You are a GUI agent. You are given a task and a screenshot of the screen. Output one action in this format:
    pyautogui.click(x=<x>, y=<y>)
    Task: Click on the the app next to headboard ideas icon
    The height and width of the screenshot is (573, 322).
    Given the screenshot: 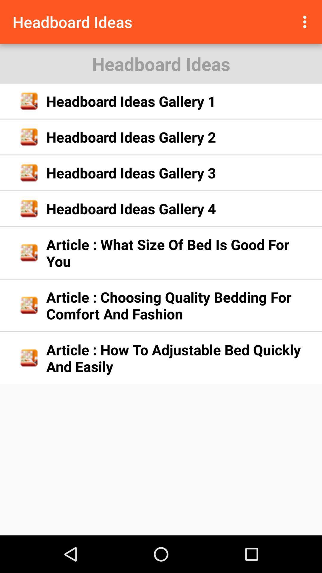 What is the action you would take?
    pyautogui.click(x=306, y=22)
    